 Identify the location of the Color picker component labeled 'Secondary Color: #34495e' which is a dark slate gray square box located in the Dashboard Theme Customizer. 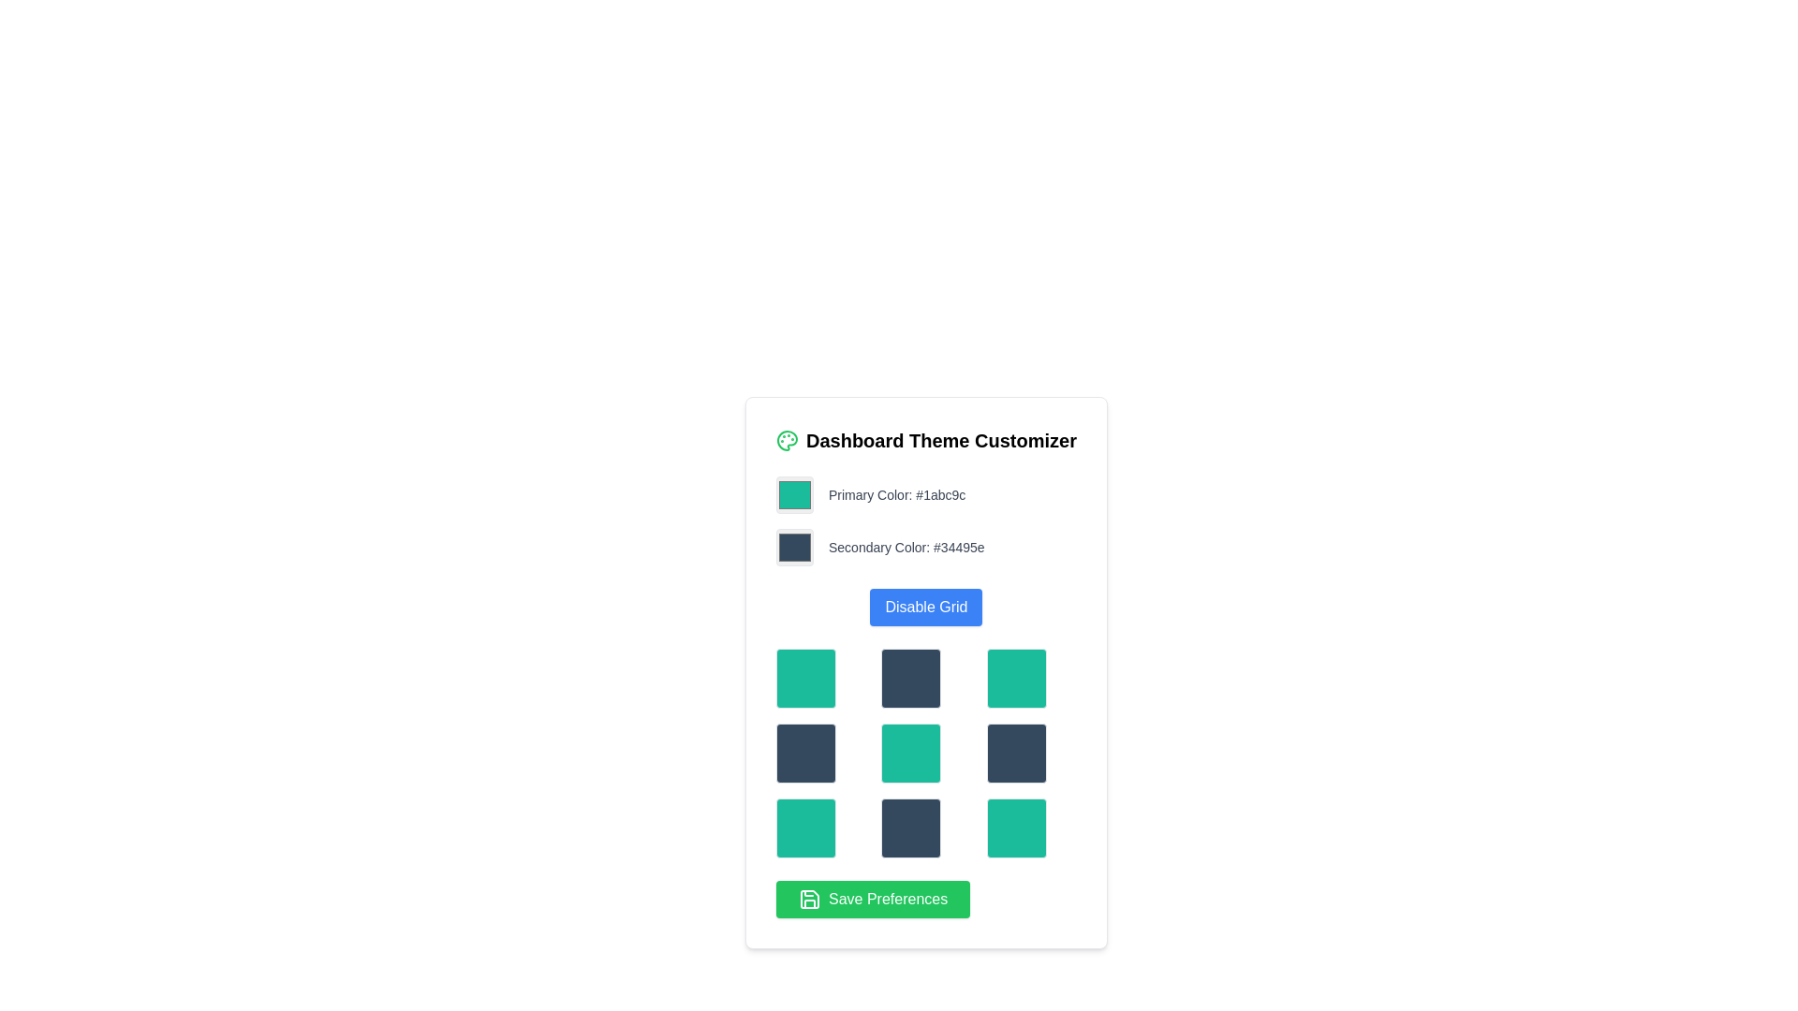
(926, 548).